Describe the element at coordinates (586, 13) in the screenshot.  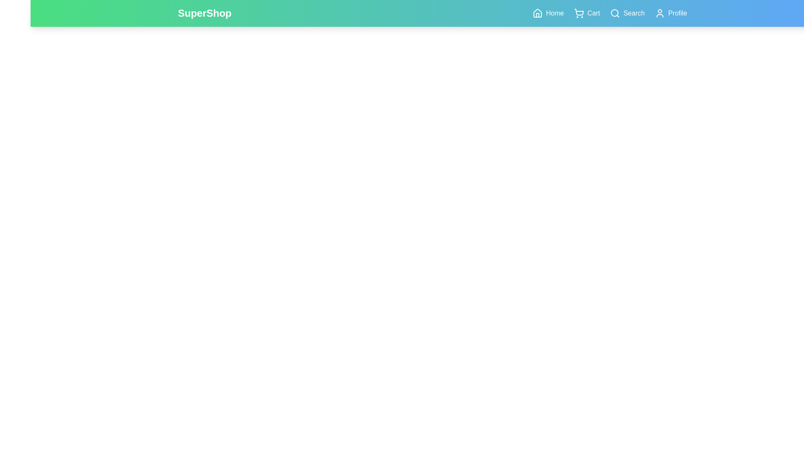
I see `the shopping cart navigation link located in the horizontal navigation bar, positioned between the 'Home' and 'Search' elements` at that location.